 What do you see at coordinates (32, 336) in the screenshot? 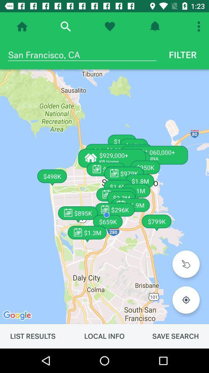
I see `item to the left of the local info` at bounding box center [32, 336].